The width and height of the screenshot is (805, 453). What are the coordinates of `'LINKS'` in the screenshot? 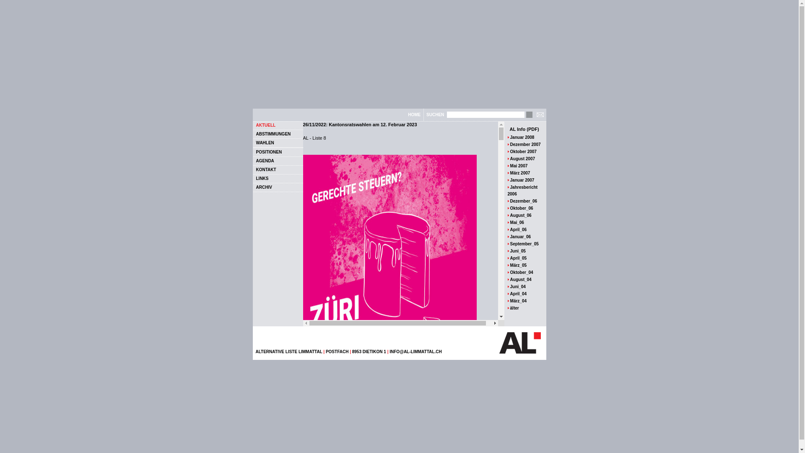 It's located at (261, 178).